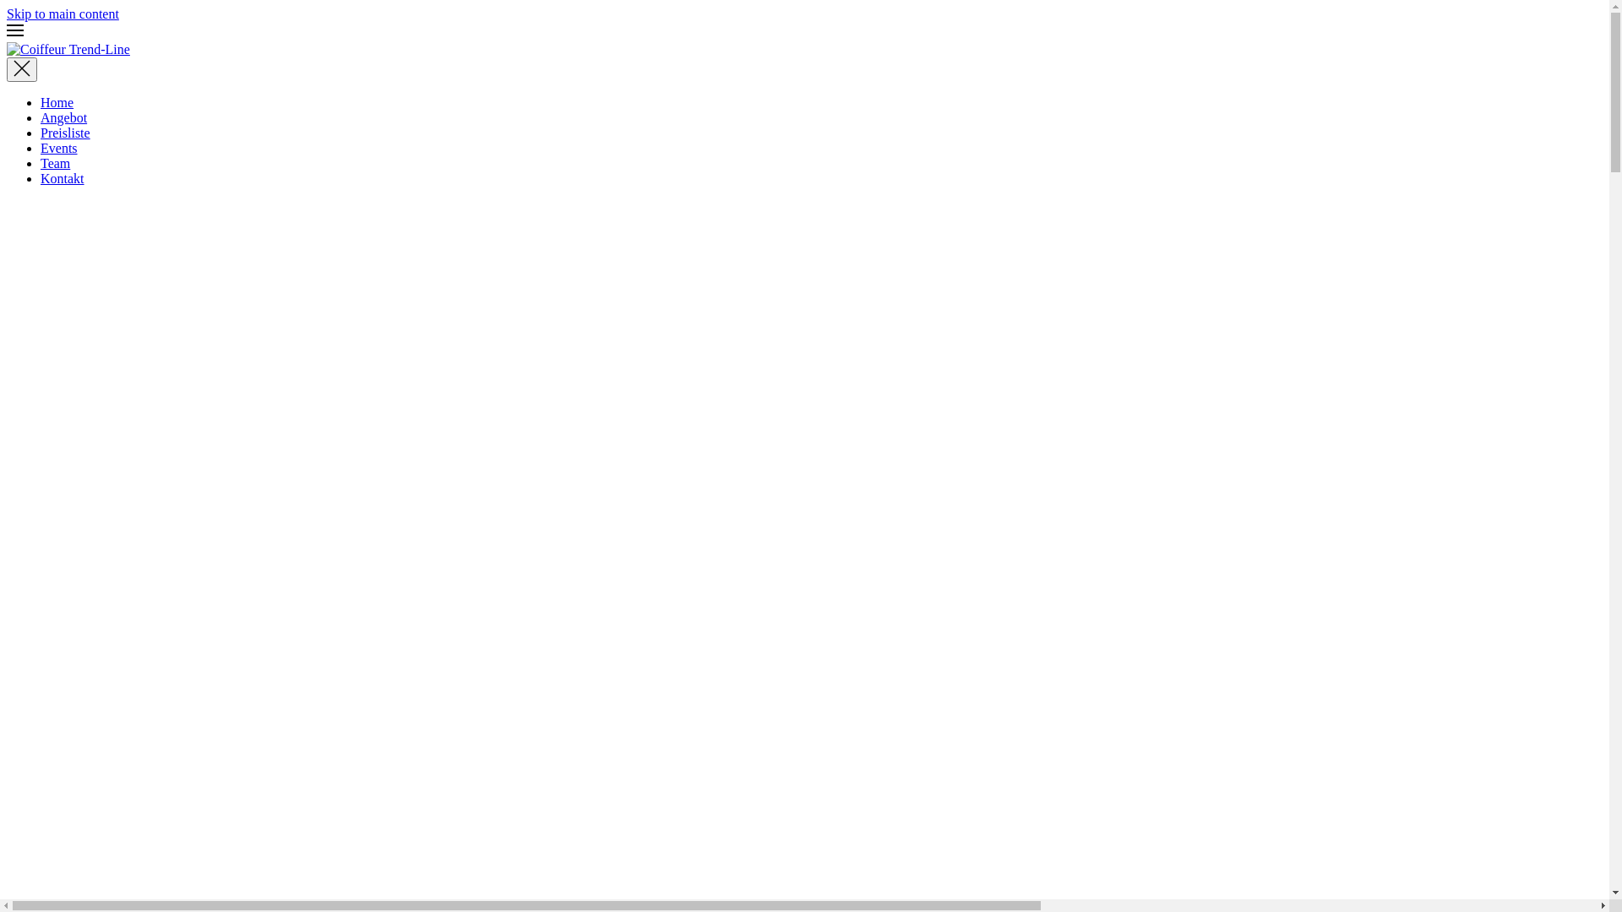 This screenshot has height=912, width=1622. Describe the element at coordinates (41, 102) in the screenshot. I see `'Home'` at that location.